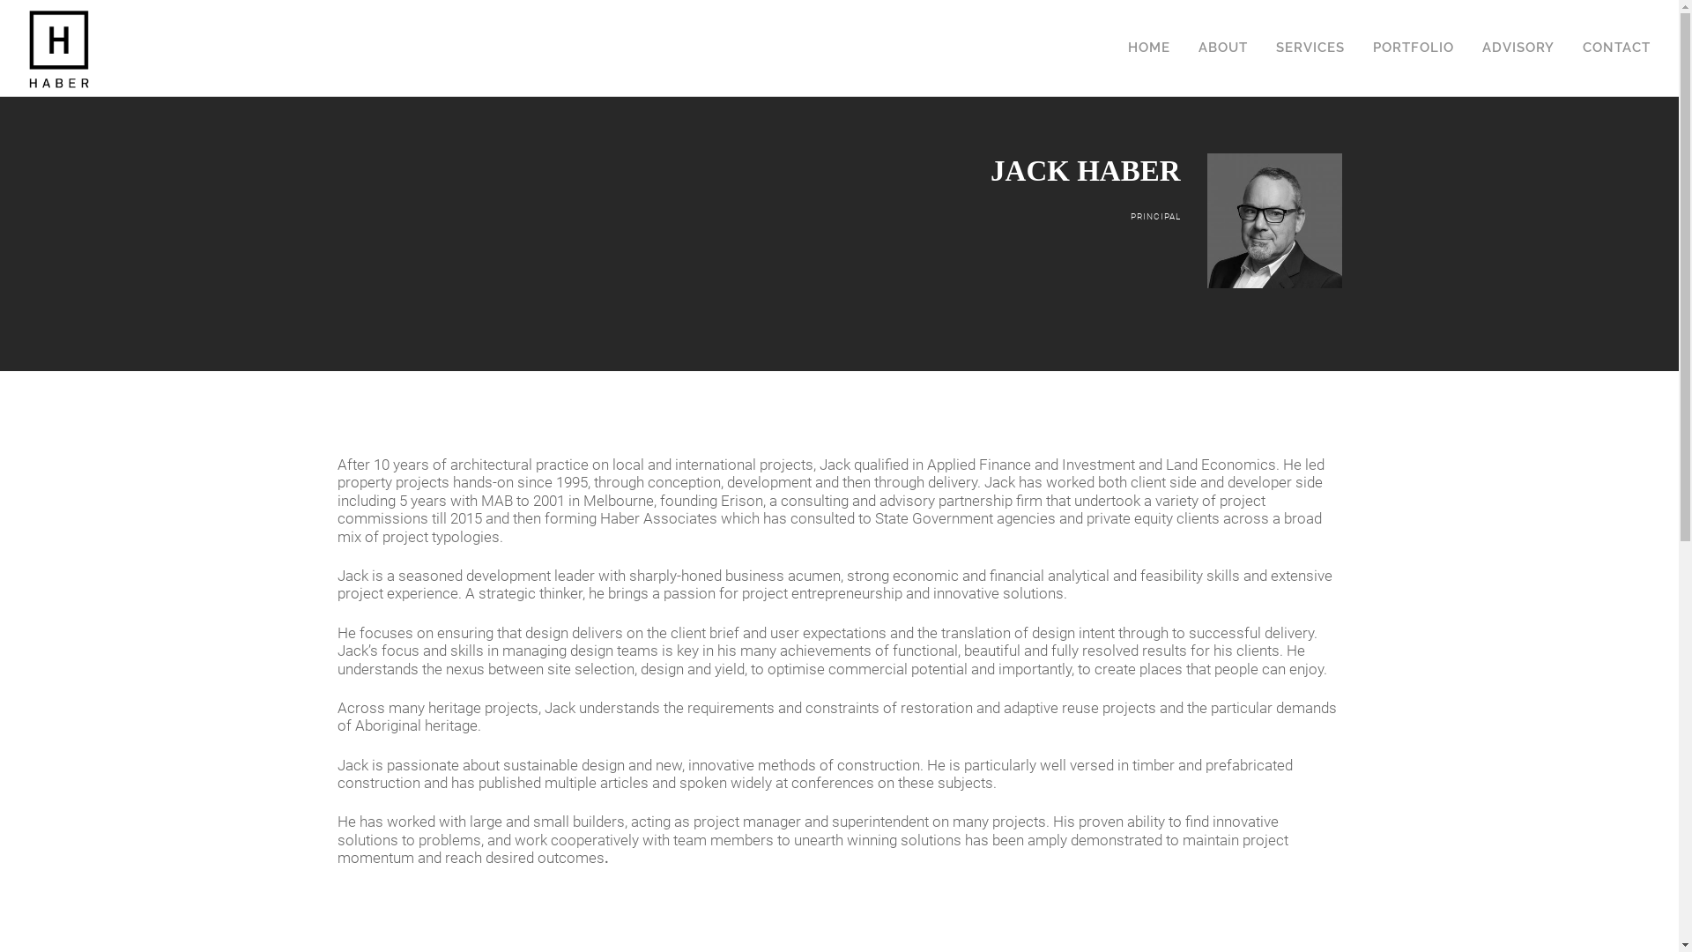 Image resolution: width=1692 pixels, height=952 pixels. Describe the element at coordinates (1221, 24) in the screenshot. I see `'ABOUT'` at that location.